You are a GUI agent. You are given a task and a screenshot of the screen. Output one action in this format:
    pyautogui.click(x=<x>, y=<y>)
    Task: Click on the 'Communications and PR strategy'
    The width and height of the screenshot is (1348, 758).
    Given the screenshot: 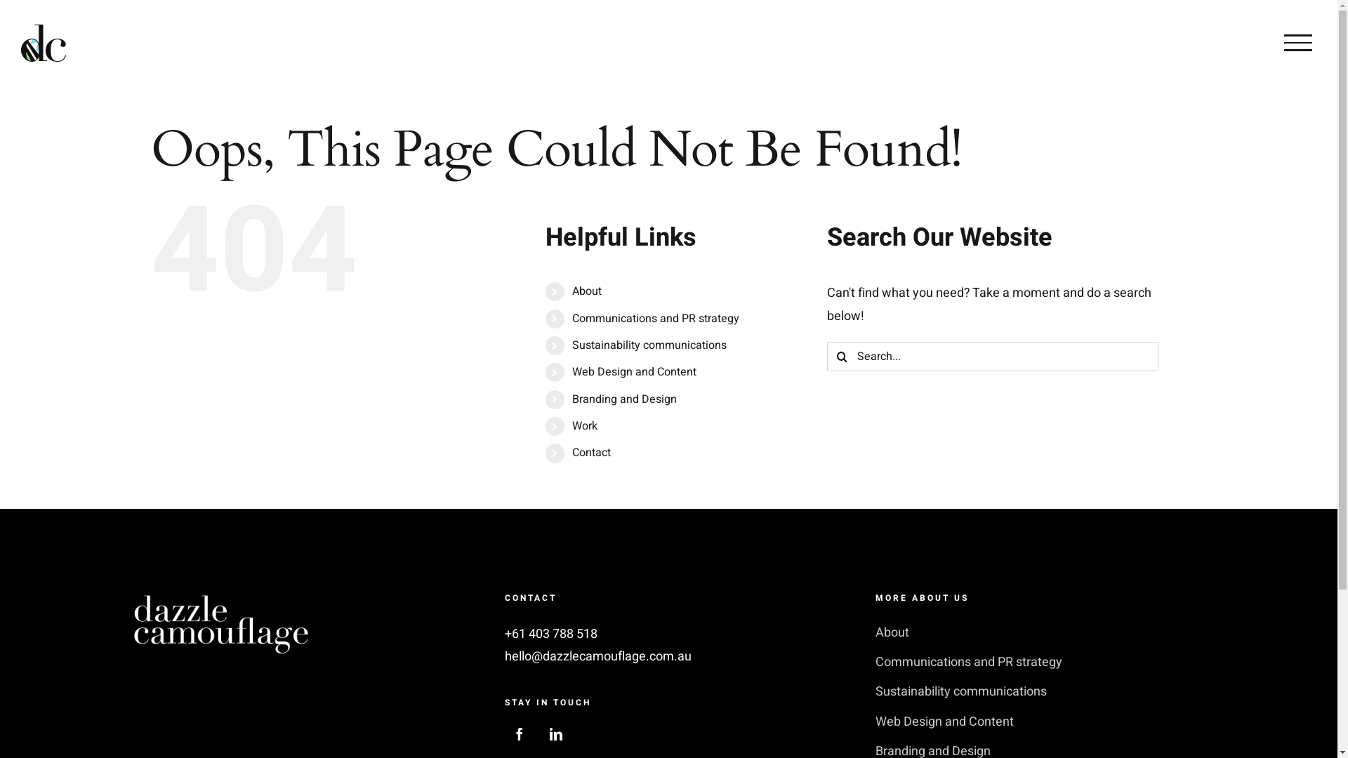 What is the action you would take?
    pyautogui.click(x=655, y=319)
    